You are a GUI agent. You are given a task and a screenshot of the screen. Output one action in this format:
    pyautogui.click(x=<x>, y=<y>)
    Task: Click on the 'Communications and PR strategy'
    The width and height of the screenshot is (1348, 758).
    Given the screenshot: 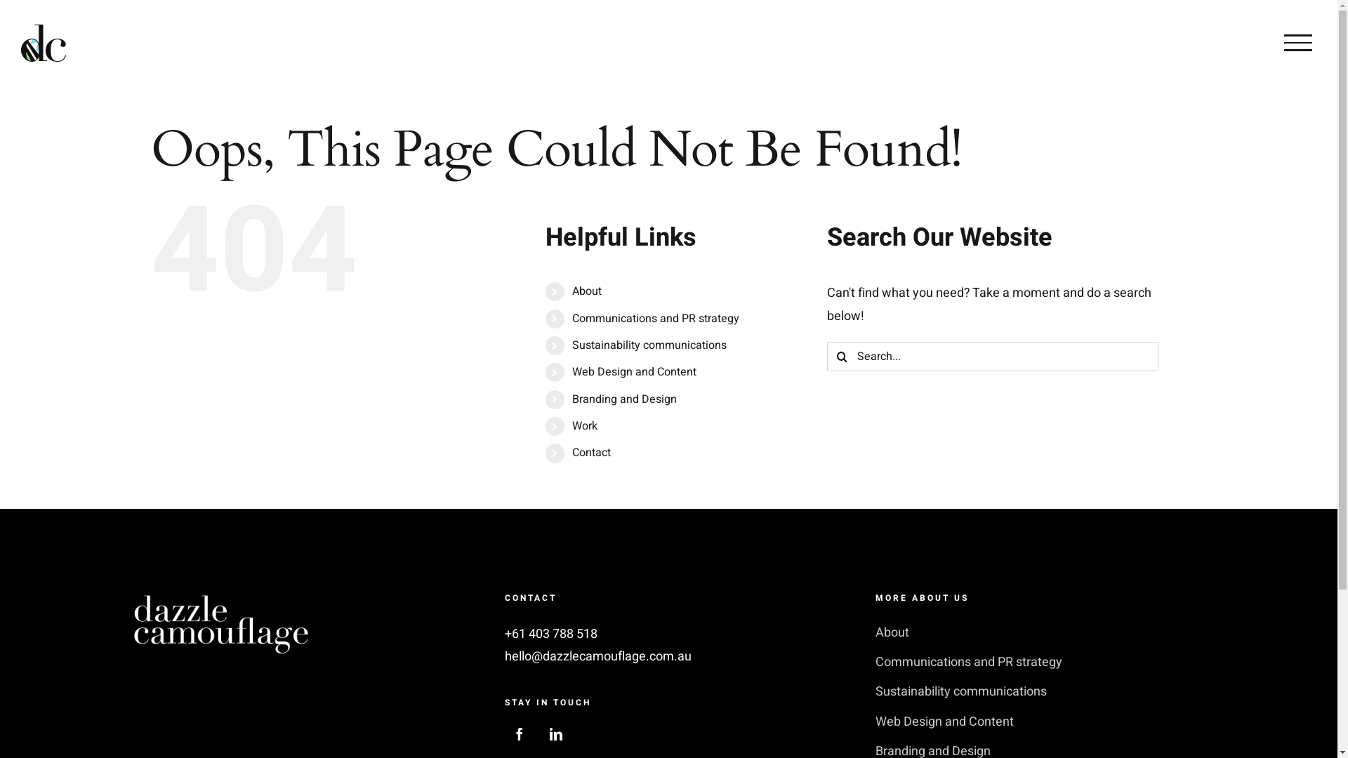 What is the action you would take?
    pyautogui.click(x=655, y=319)
    